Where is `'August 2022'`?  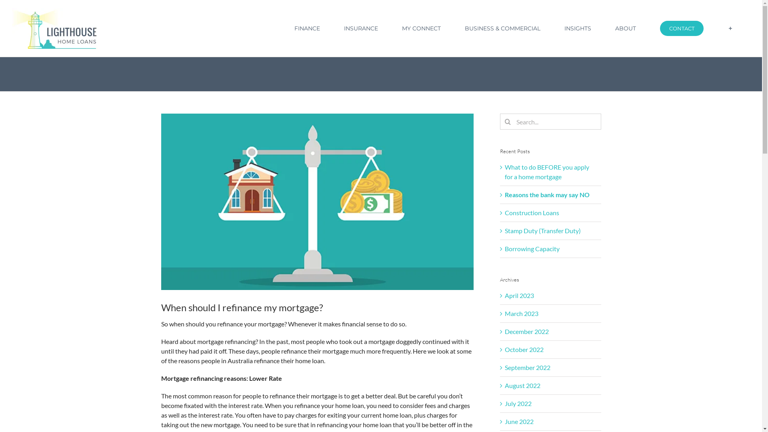 'August 2022' is located at coordinates (504, 385).